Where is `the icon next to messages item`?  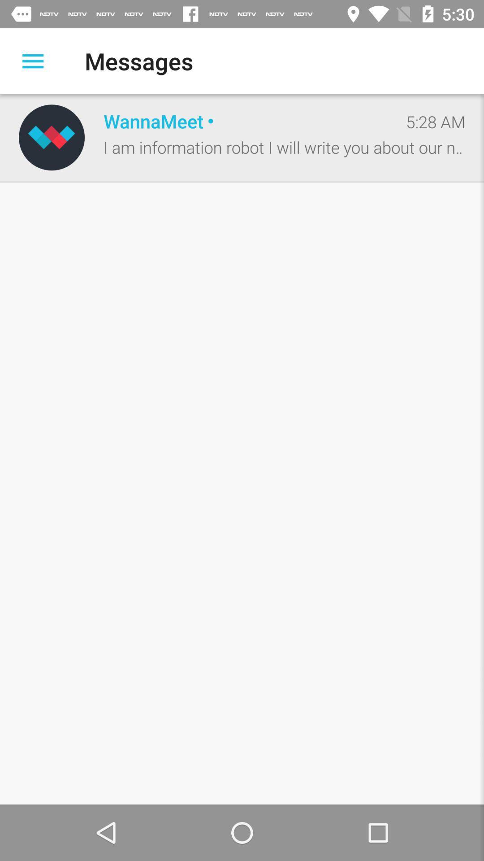 the icon next to messages item is located at coordinates (32, 61).